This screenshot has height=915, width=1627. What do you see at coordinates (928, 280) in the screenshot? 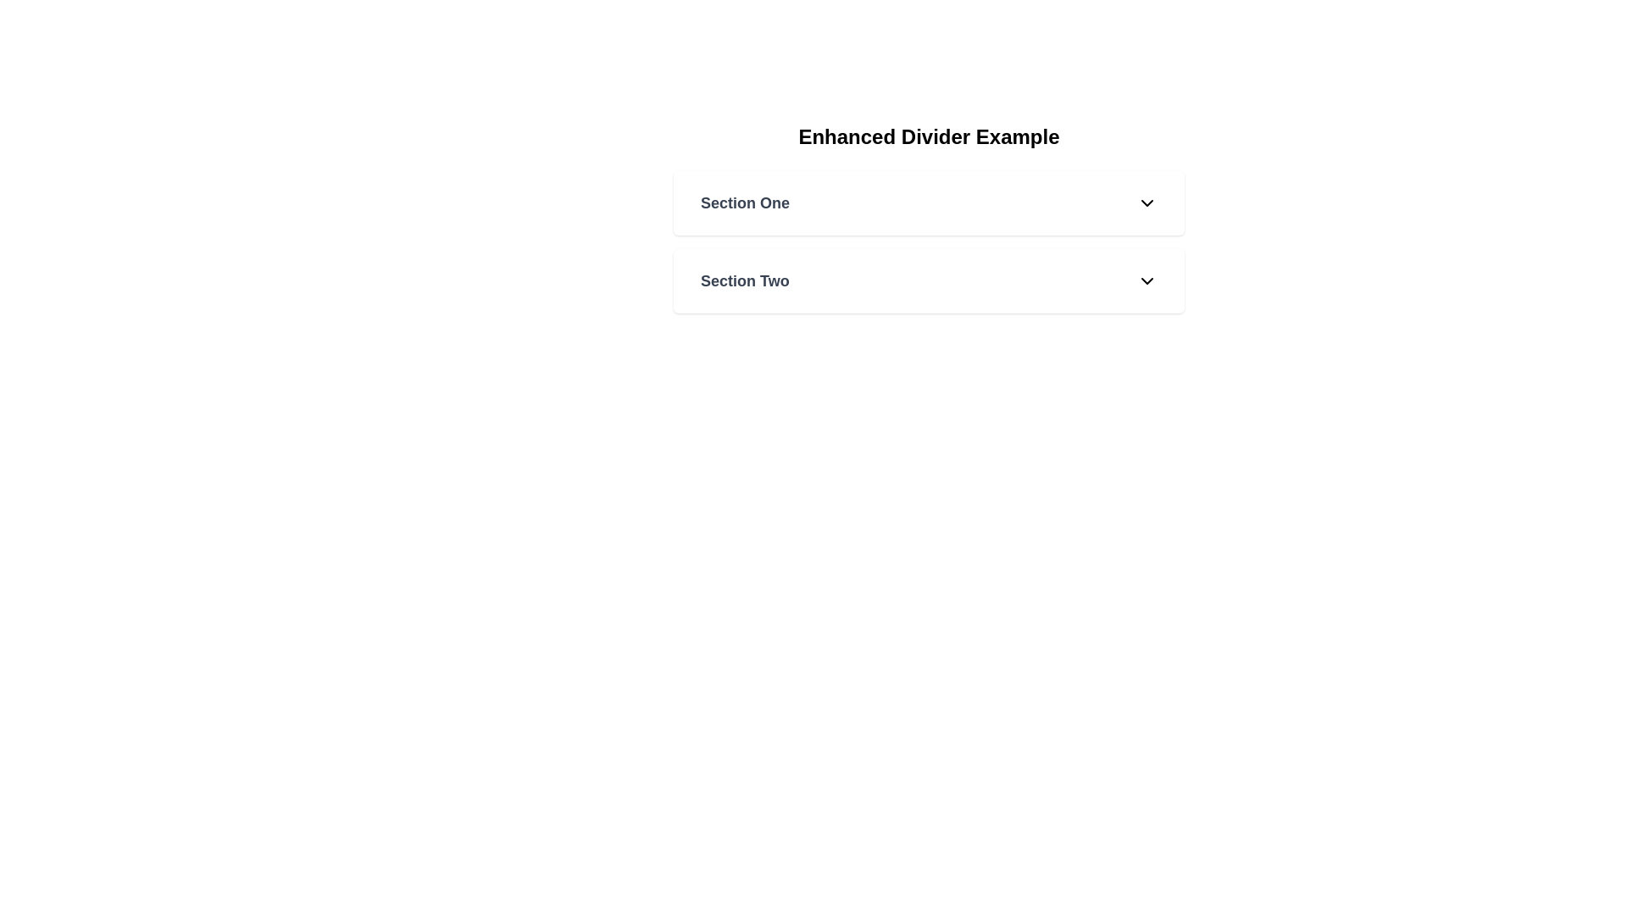
I see `the collapsible section header labeled 'Section Two' to prepare for interaction` at bounding box center [928, 280].